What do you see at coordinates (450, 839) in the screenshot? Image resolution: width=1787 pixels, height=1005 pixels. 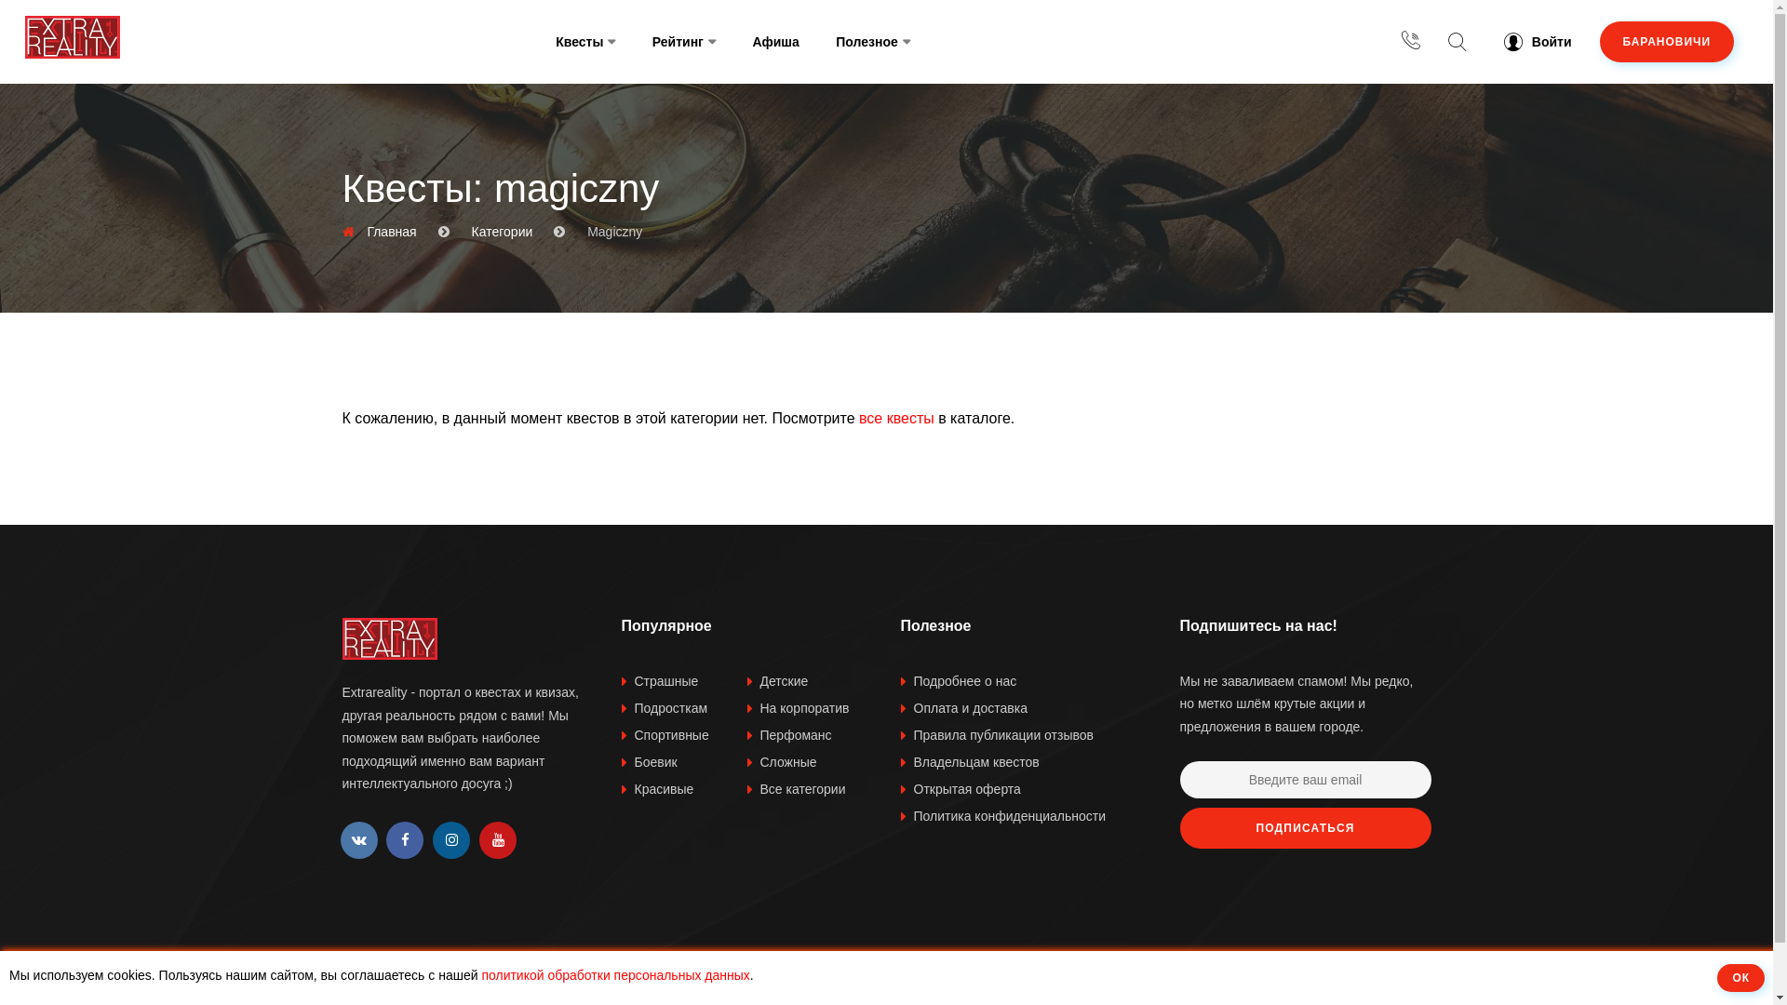 I see `'Extrareality Instagram'` at bounding box center [450, 839].